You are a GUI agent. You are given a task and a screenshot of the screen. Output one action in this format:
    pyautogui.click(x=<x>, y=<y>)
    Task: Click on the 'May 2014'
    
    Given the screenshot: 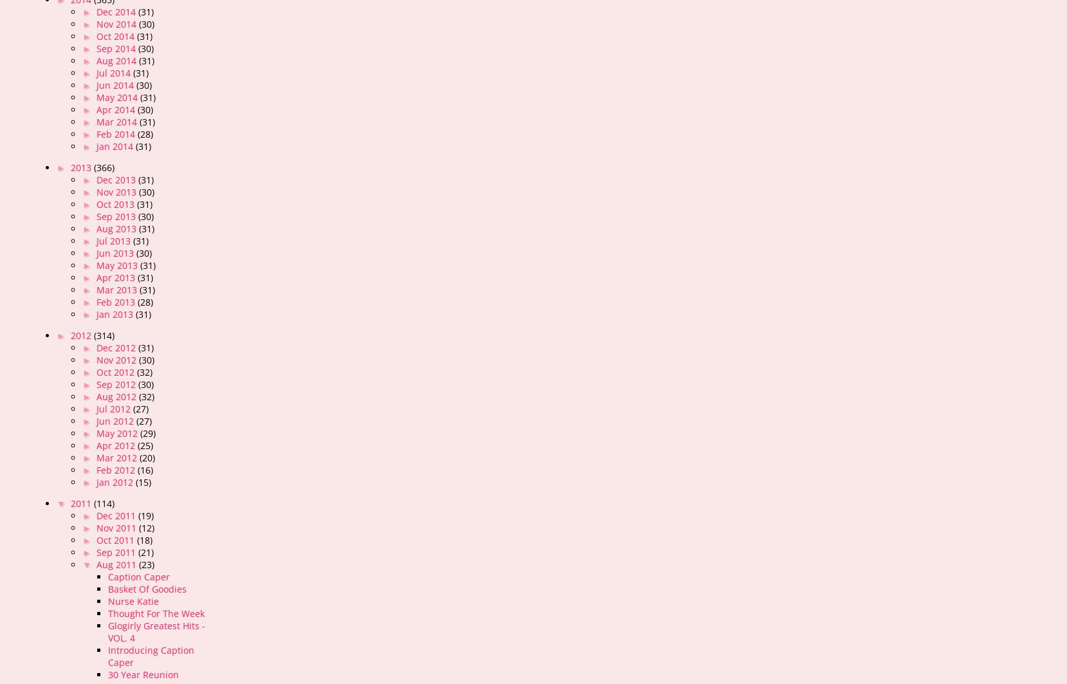 What is the action you would take?
    pyautogui.click(x=118, y=97)
    